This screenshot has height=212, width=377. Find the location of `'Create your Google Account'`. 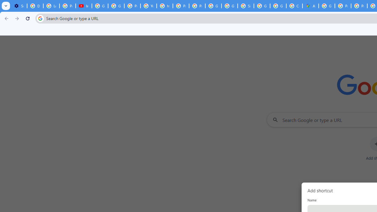

'Create your Google Account' is located at coordinates (294, 6).